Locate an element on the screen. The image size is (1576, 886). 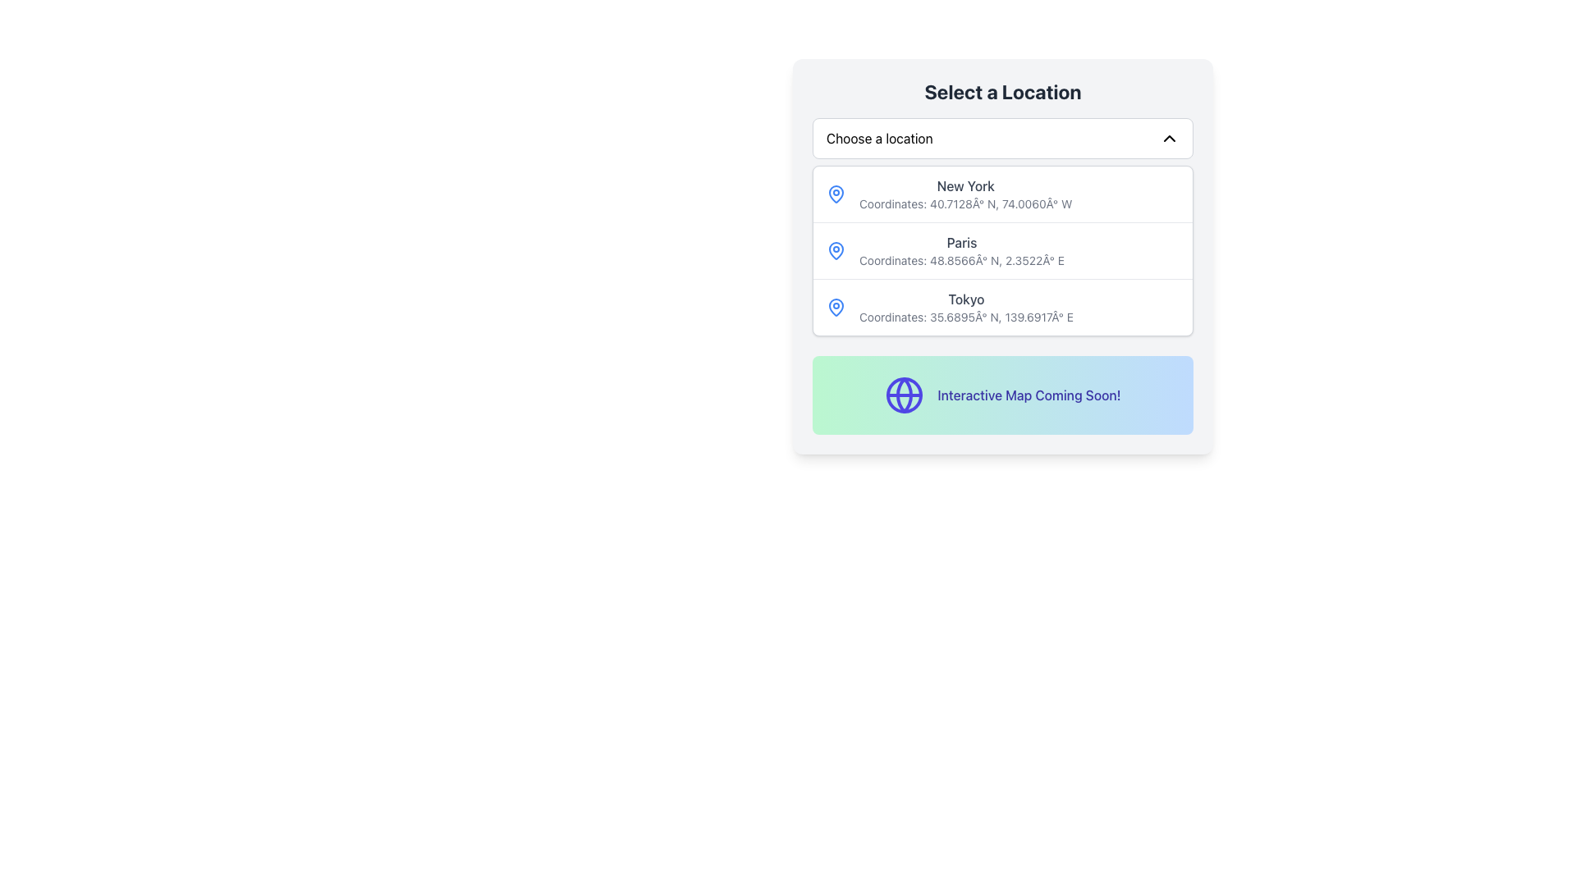
the Tokyo location icon, which is positioned on the far left of the entry in the list of locations is located at coordinates (836, 307).